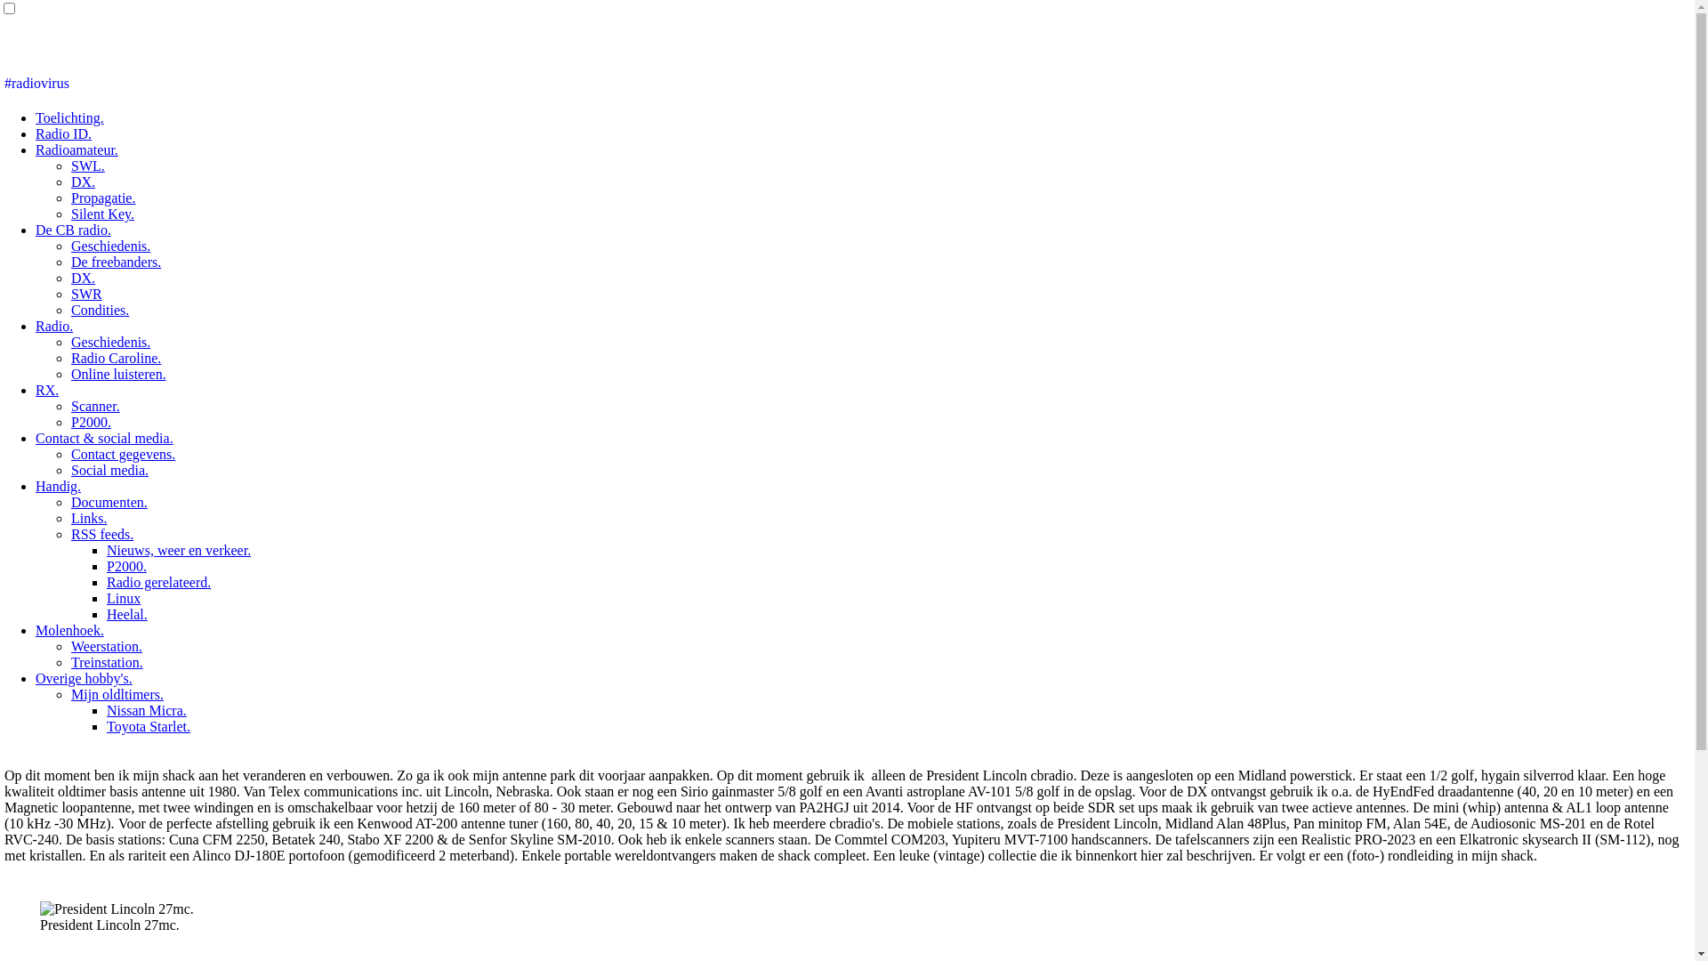 This screenshot has height=961, width=1708. What do you see at coordinates (117, 693) in the screenshot?
I see `'Mijn oldltimers.'` at bounding box center [117, 693].